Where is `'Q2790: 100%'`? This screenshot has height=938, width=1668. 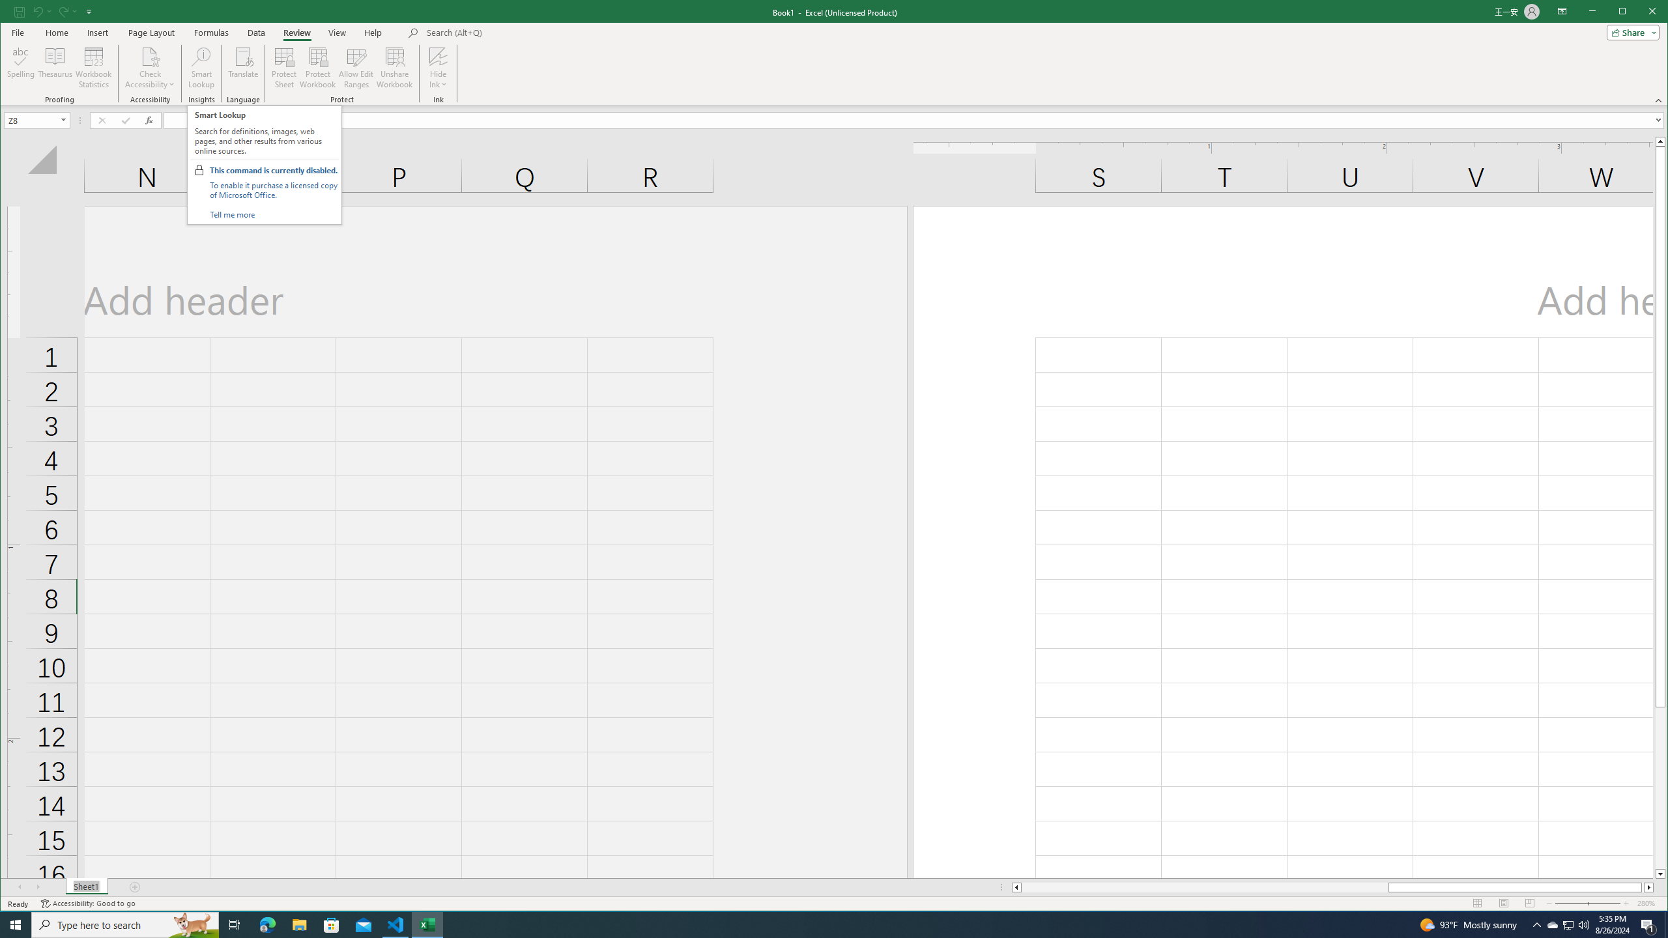
'Q2790: 100%' is located at coordinates (1583, 924).